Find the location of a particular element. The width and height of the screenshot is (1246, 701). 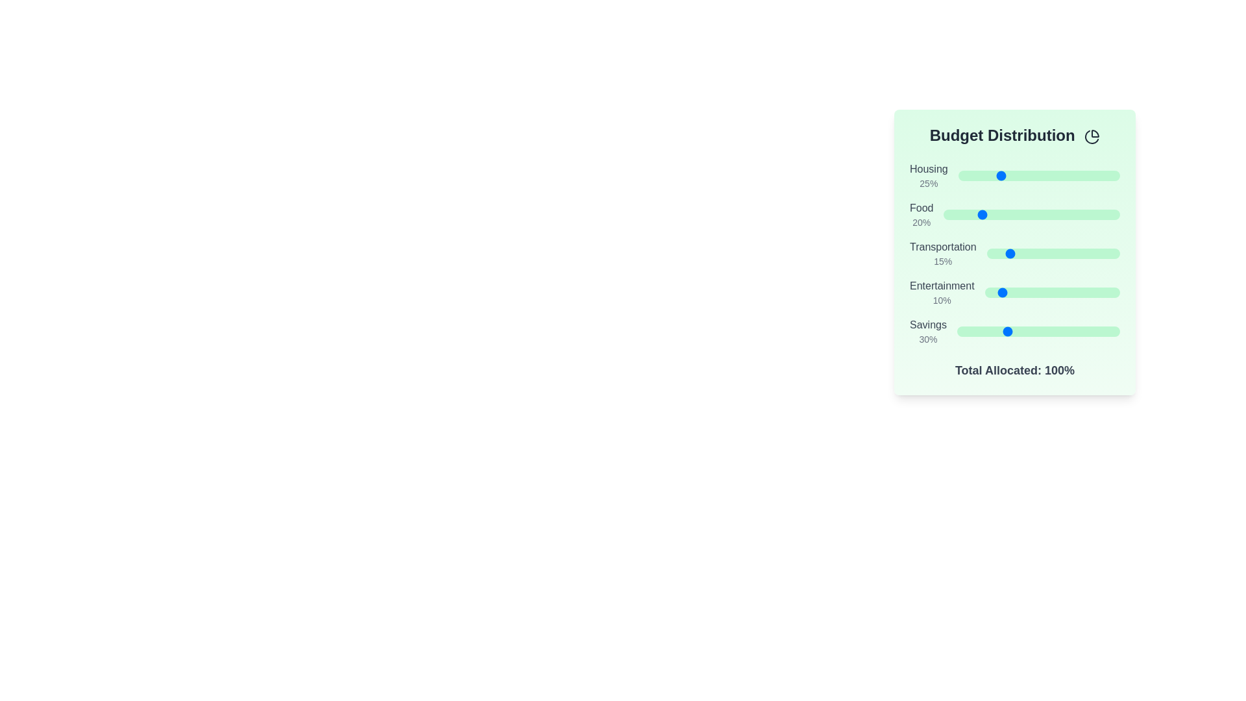

the slider for 'Entertainment' to set its percentage to 94 is located at coordinates (1111, 293).